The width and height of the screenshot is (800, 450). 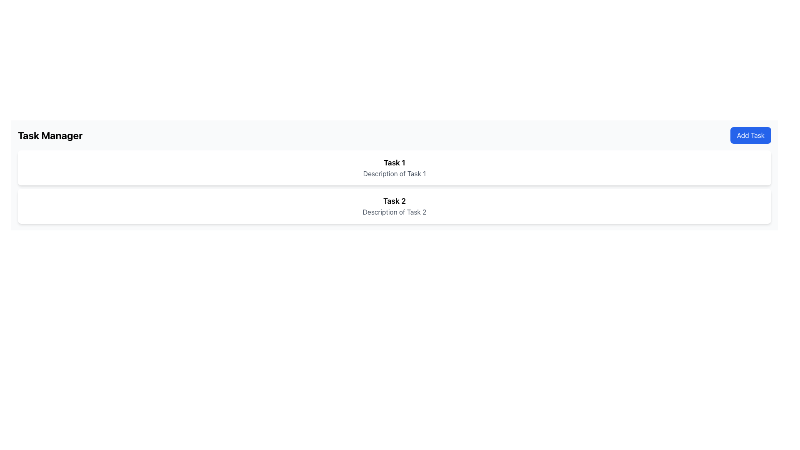 What do you see at coordinates (394, 162) in the screenshot?
I see `the 'Task 1' text label, which is prominently displayed in bold at the top of a white, rounded rectangular card, to trigger any potential hover effects` at bounding box center [394, 162].